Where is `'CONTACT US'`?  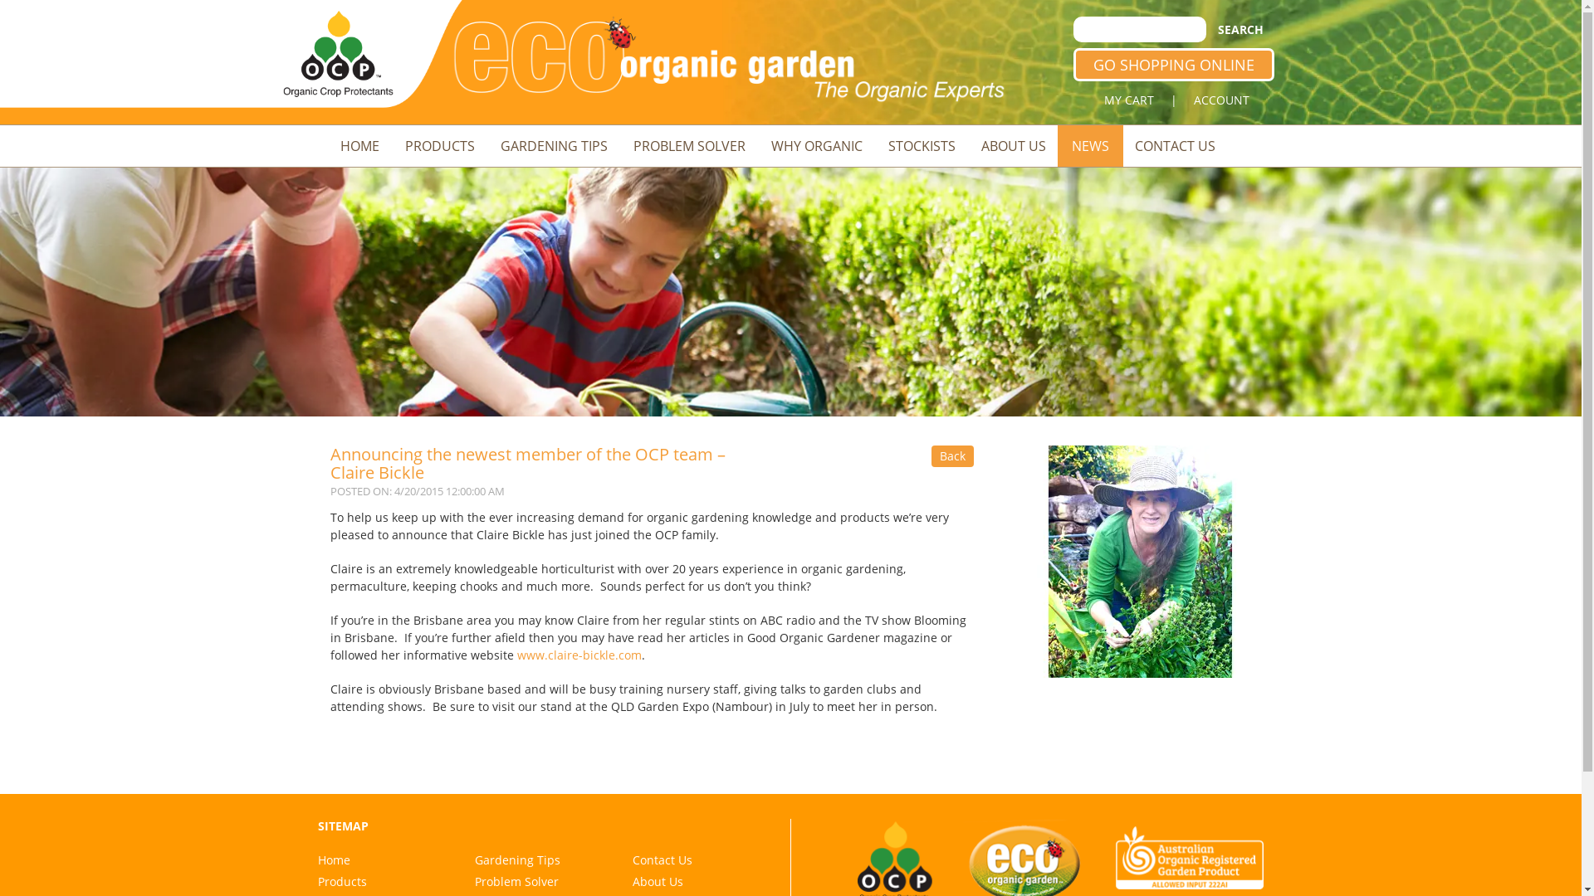
'CONTACT US' is located at coordinates (1174, 145).